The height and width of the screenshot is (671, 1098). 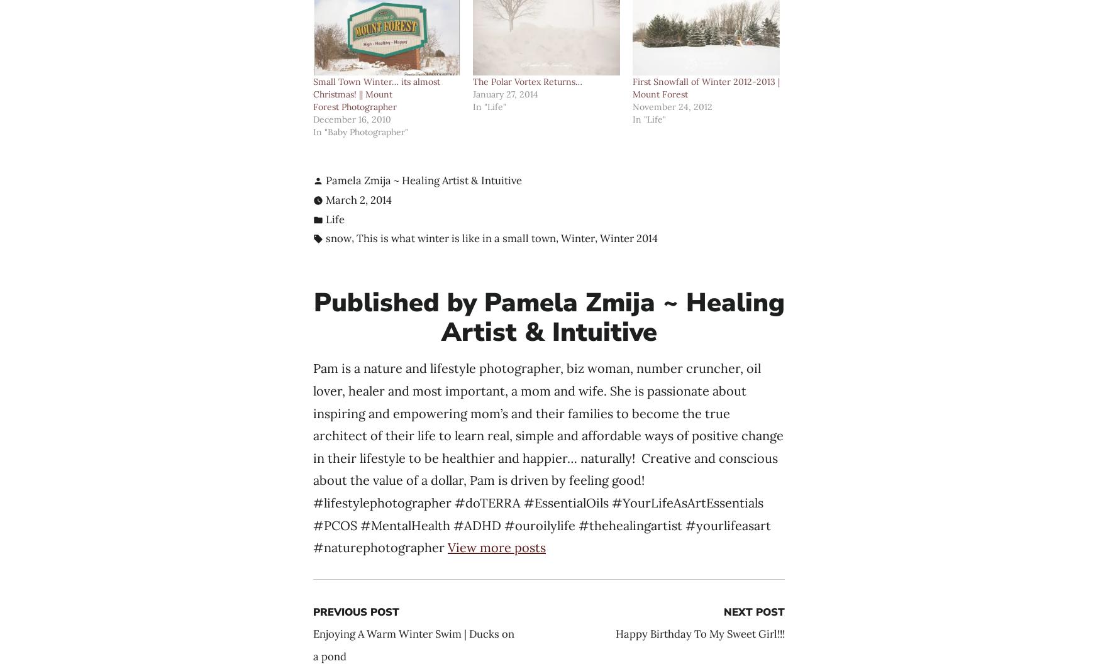 What do you see at coordinates (723, 611) in the screenshot?
I see `'Next Post'` at bounding box center [723, 611].